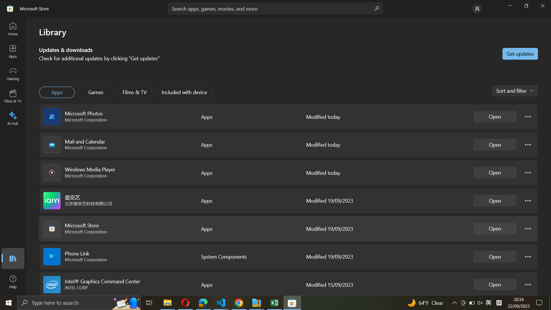 This screenshot has width=551, height=310. Describe the element at coordinates (495, 228) in the screenshot. I see `Microsoft Store` at that location.